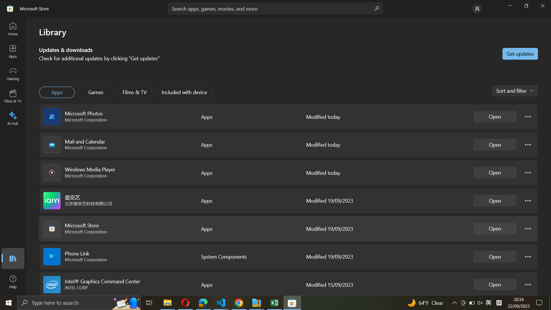 This screenshot has width=551, height=310. Describe the element at coordinates (495, 228) in the screenshot. I see `Microsoft Store` at that location.